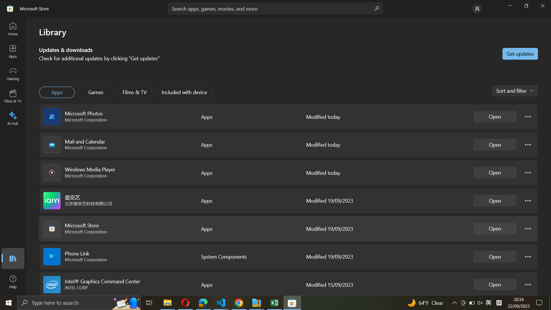 This screenshot has width=551, height=310. Describe the element at coordinates (495, 228) in the screenshot. I see `Microsoft Store` at that location.